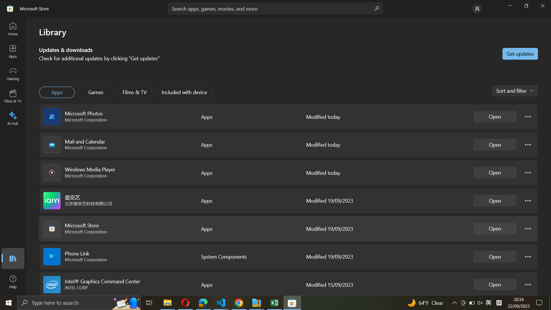 This screenshot has width=551, height=310. Describe the element at coordinates (495, 228) in the screenshot. I see `Microsoft Store` at that location.